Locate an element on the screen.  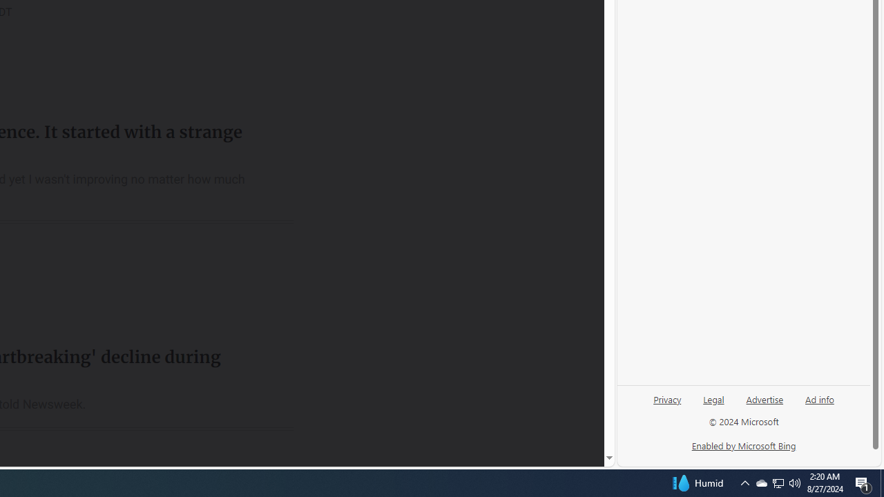
'Ad info' is located at coordinates (819, 404).